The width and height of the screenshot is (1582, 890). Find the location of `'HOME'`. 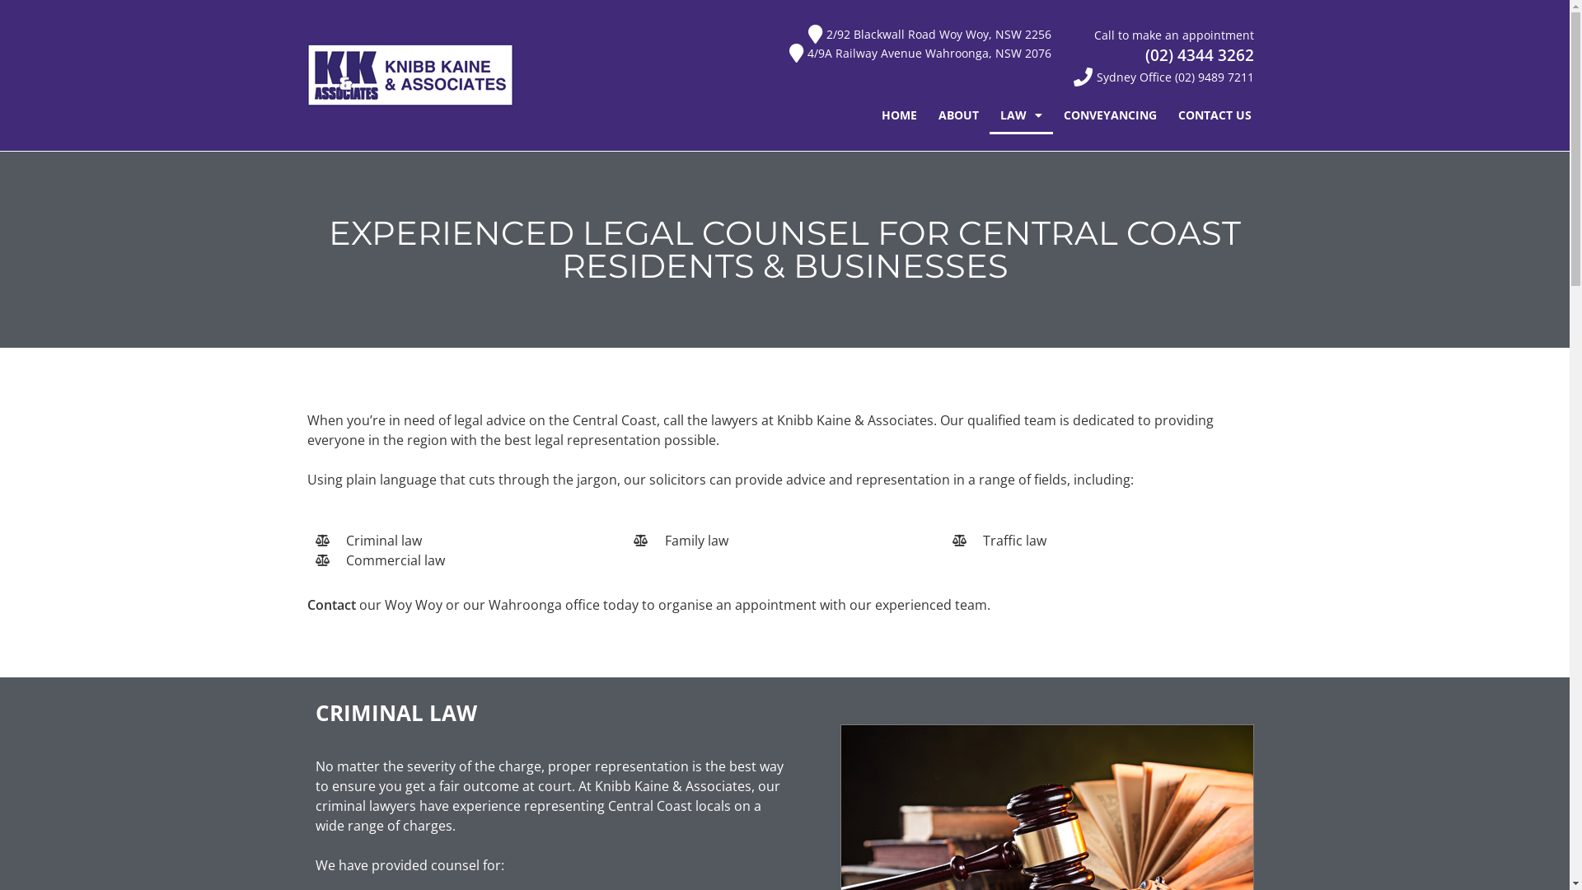

'HOME' is located at coordinates (898, 114).